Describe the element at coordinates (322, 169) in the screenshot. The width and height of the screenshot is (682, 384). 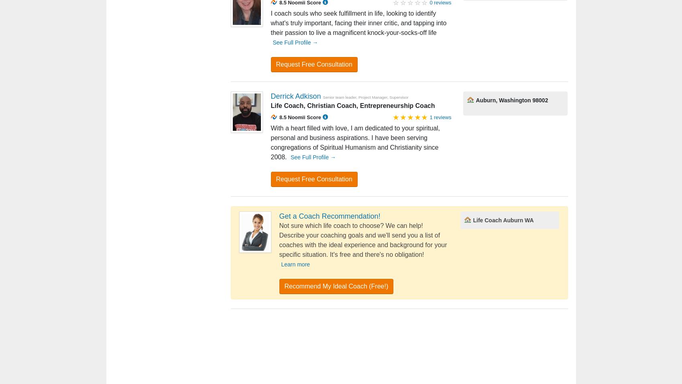
I see `'The Smart Way To Find A Coach'` at that location.